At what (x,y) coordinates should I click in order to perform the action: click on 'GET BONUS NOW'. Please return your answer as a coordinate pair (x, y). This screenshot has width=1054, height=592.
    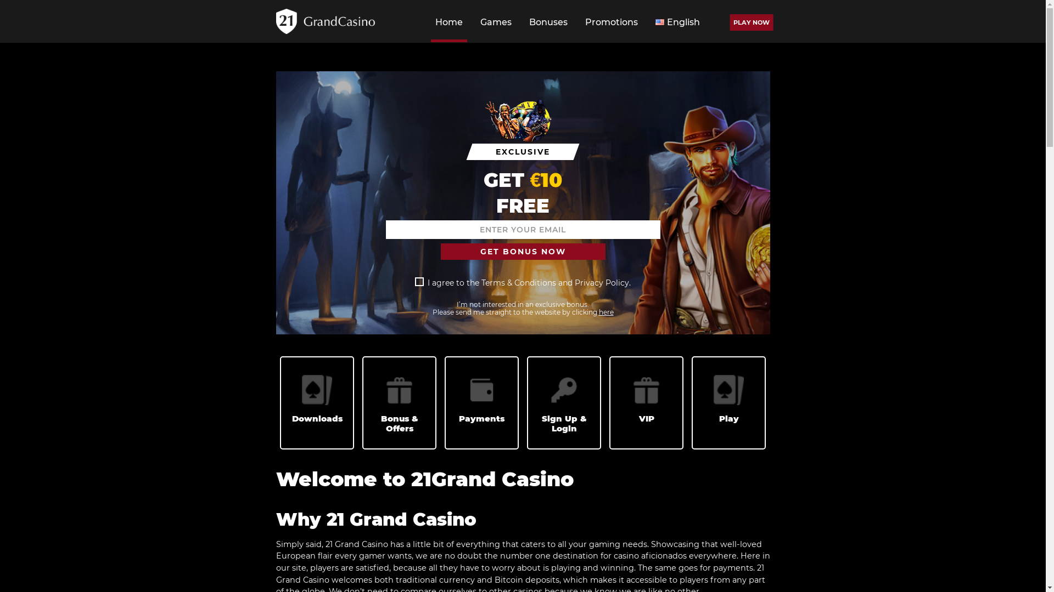
    Looking at the image, I should click on (522, 252).